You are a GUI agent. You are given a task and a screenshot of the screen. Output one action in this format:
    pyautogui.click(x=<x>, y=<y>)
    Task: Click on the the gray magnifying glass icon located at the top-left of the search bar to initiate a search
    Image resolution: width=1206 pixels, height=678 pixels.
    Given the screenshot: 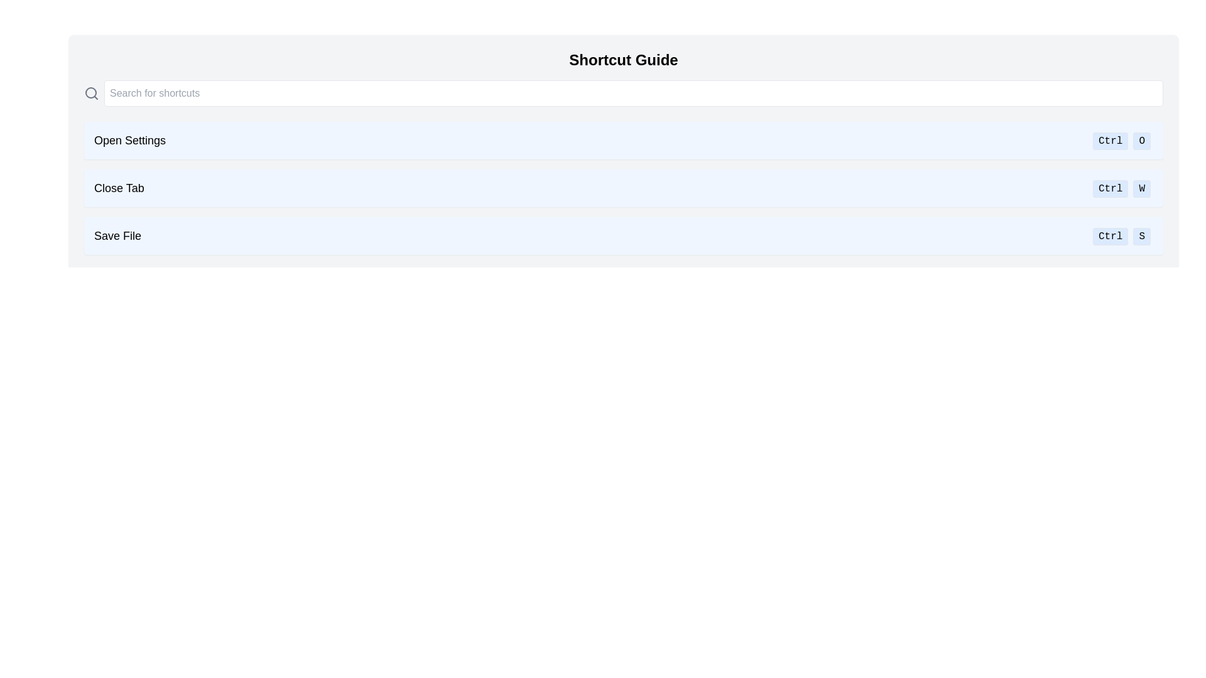 What is the action you would take?
    pyautogui.click(x=90, y=93)
    